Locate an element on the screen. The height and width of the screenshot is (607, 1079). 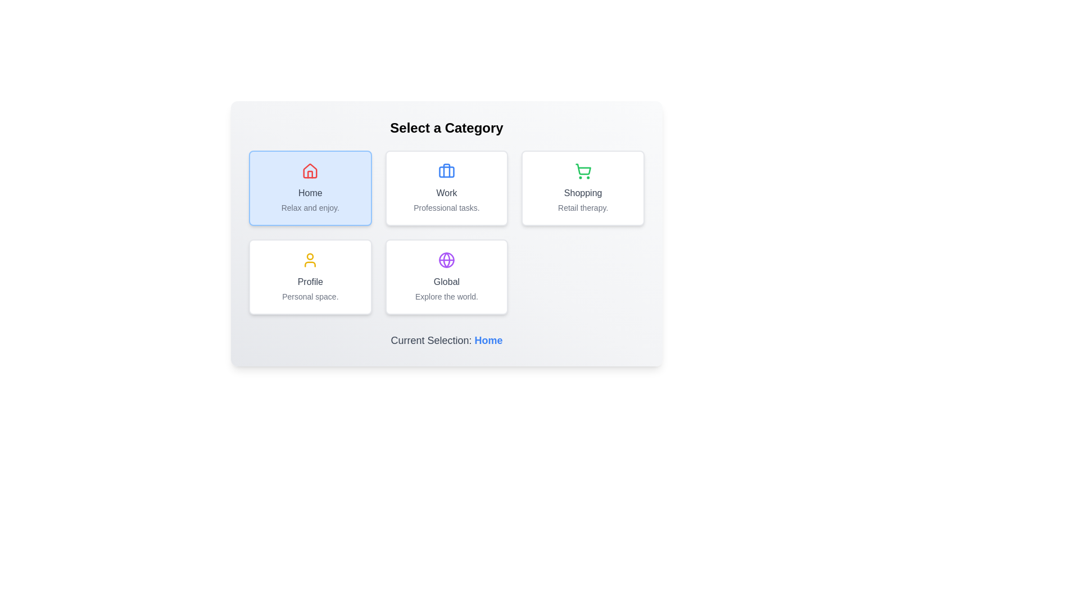
the category button for Global is located at coordinates (446, 277).